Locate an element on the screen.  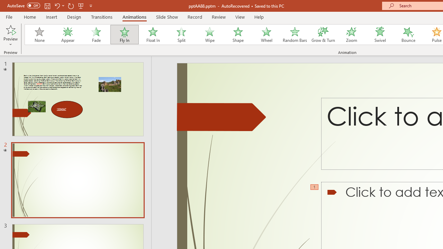
'Random Bars' is located at coordinates (295, 35).